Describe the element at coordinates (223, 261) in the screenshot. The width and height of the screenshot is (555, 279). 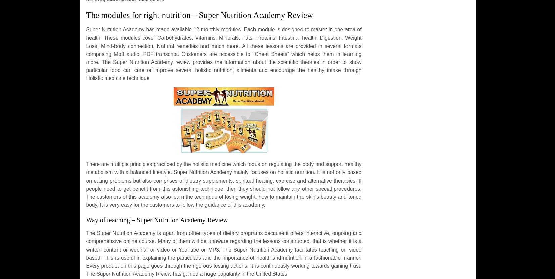
I see `'facilitates teaching on video based. This is useful in explaining the particulars and the importance of health and nutrition in a fashionable manner. Every product on this page goes through the rigorous testing actions. It is continuously working towards gaining trust. The'` at that location.